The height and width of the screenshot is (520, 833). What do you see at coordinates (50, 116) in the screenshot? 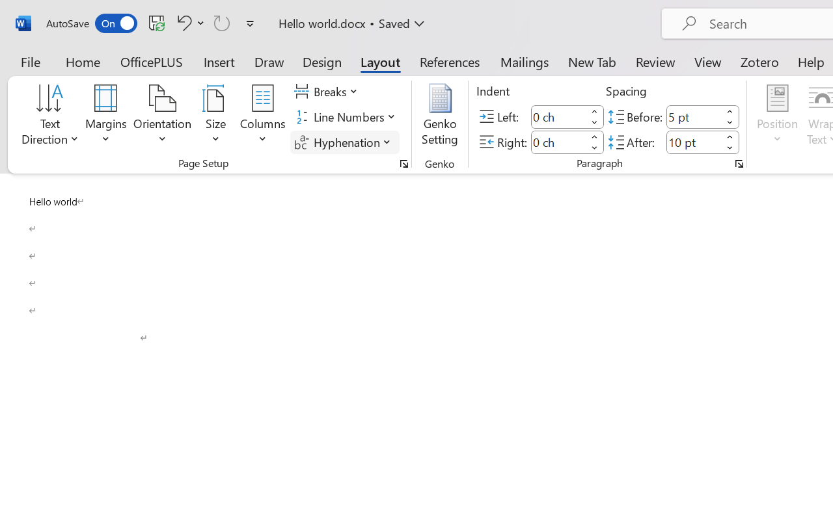
I see `'Text Direction'` at bounding box center [50, 116].